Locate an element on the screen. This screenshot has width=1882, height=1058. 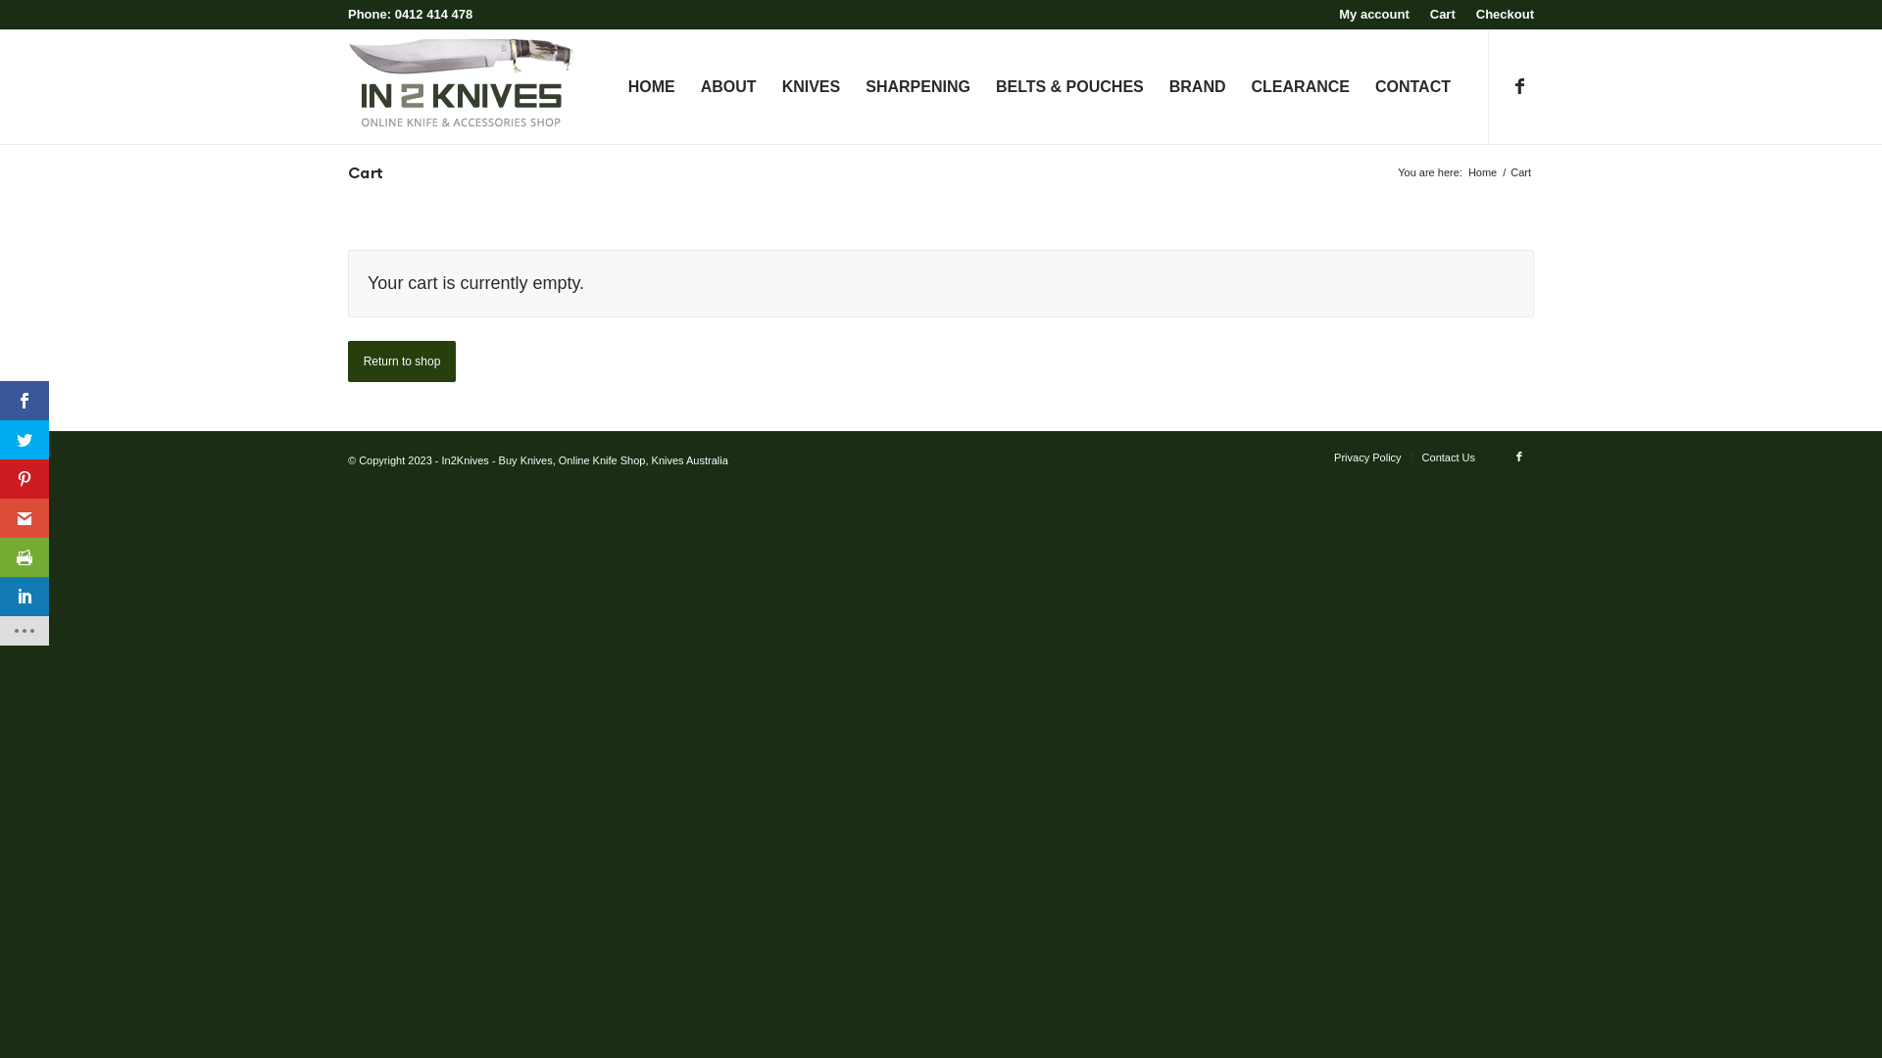
'Checkout' is located at coordinates (1504, 14).